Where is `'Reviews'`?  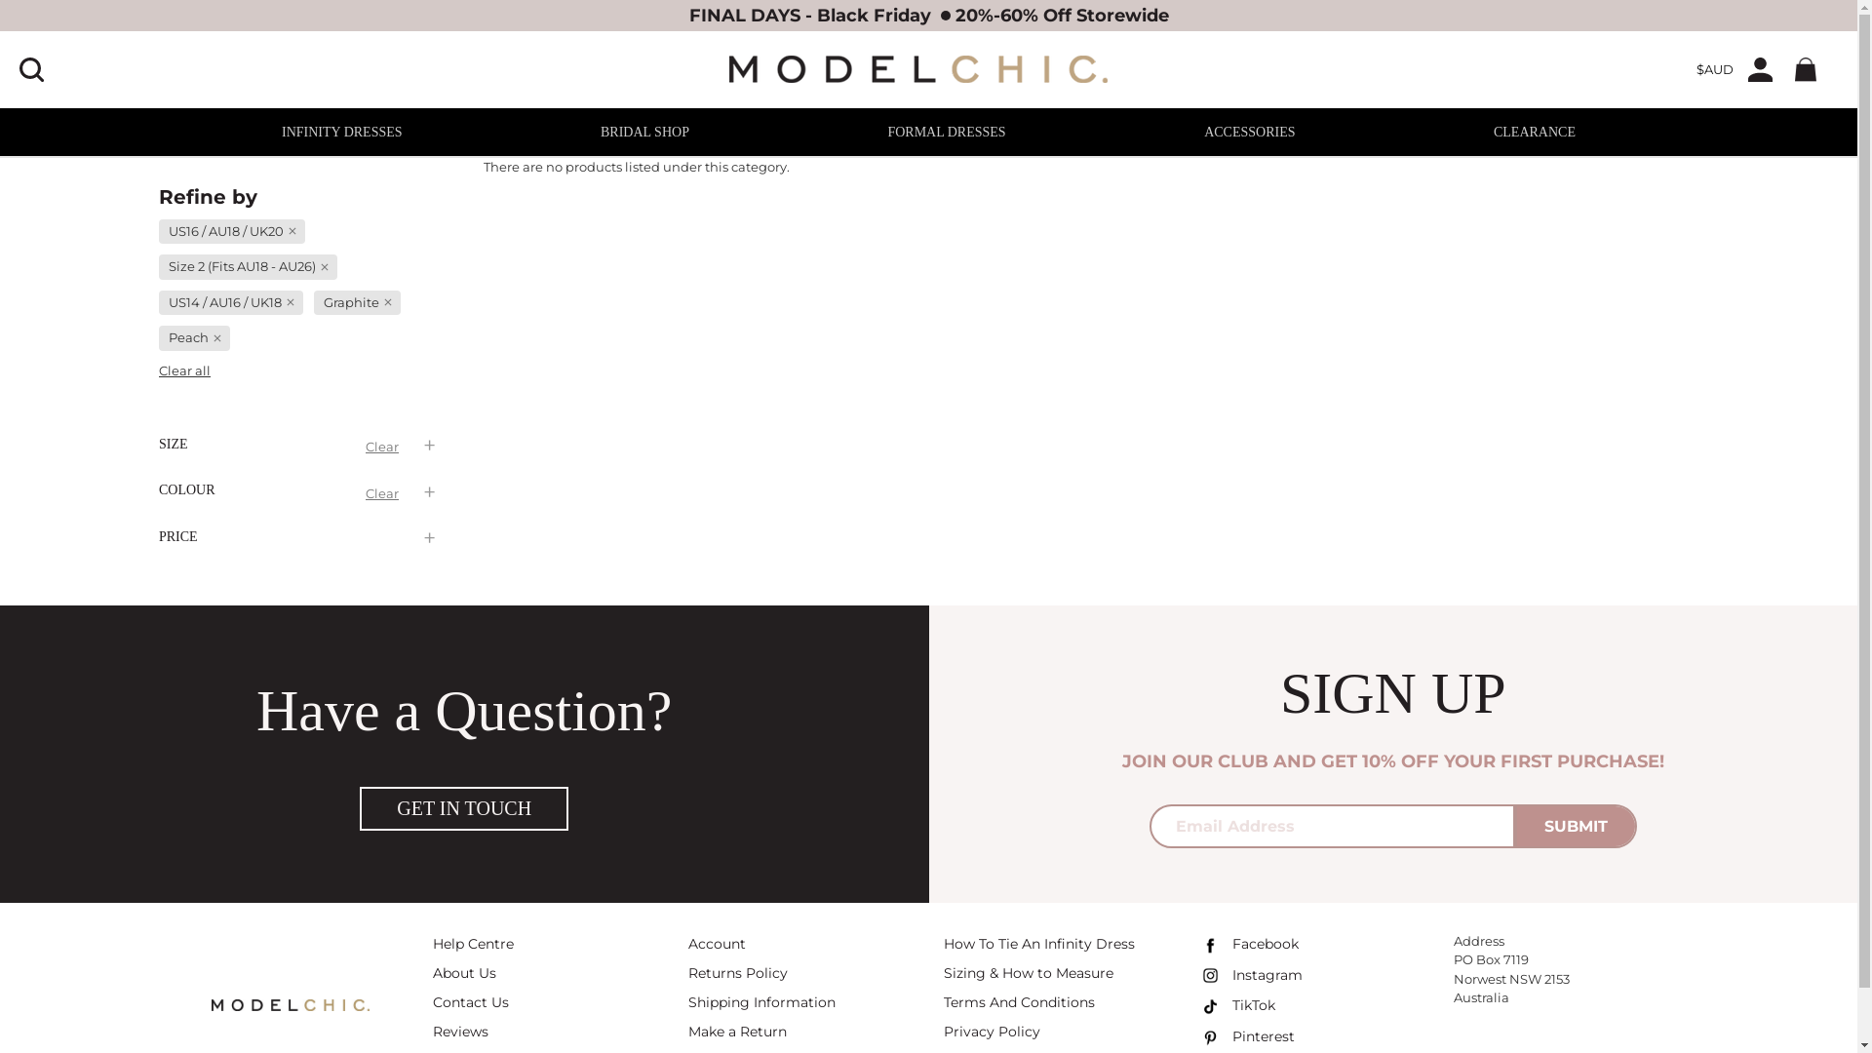 'Reviews' is located at coordinates (459, 1033).